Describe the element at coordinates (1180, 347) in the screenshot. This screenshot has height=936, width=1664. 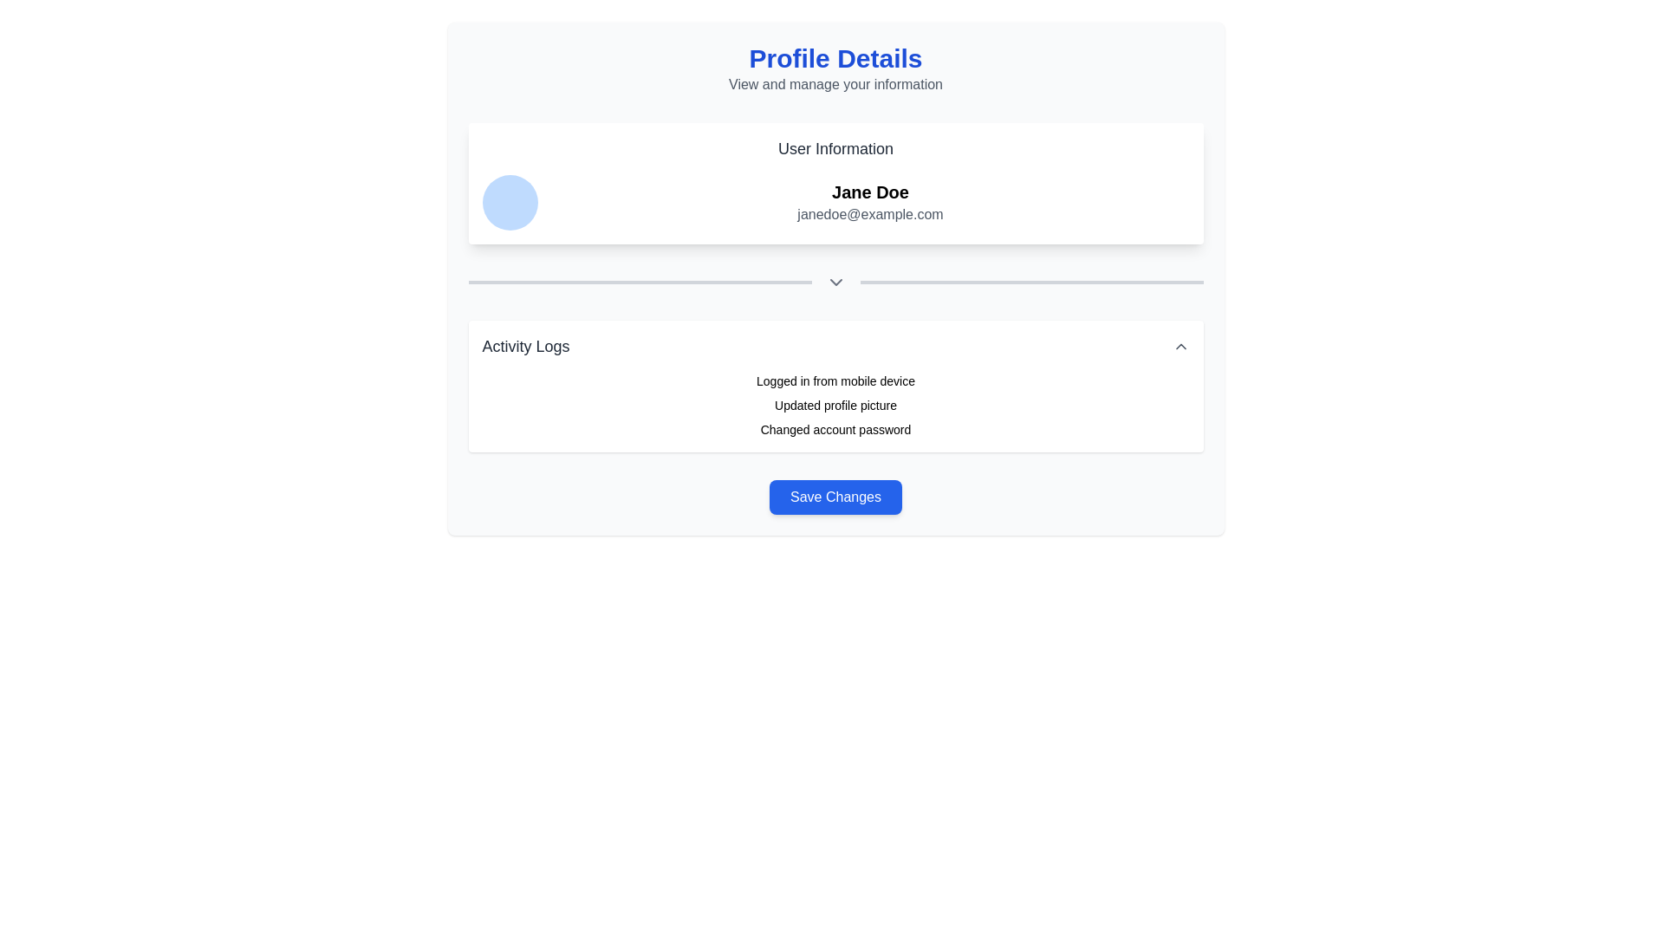
I see `the upward-pointing chevron icon located on the far-right side of the 'Activity Logs' header` at that location.